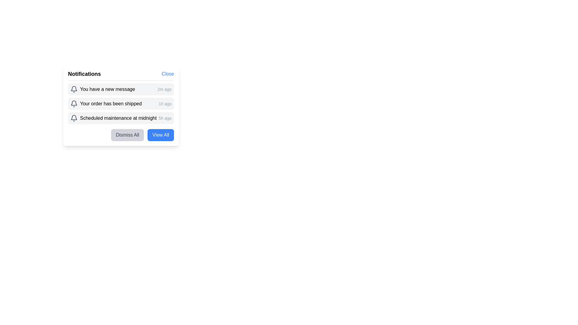 The width and height of the screenshot is (578, 325). What do you see at coordinates (102, 89) in the screenshot?
I see `informational message that states 'You have a new message' located at the top of the notifications panel, which includes a bell icon and is positioned to the left of the timestamp '2m ago'` at bounding box center [102, 89].